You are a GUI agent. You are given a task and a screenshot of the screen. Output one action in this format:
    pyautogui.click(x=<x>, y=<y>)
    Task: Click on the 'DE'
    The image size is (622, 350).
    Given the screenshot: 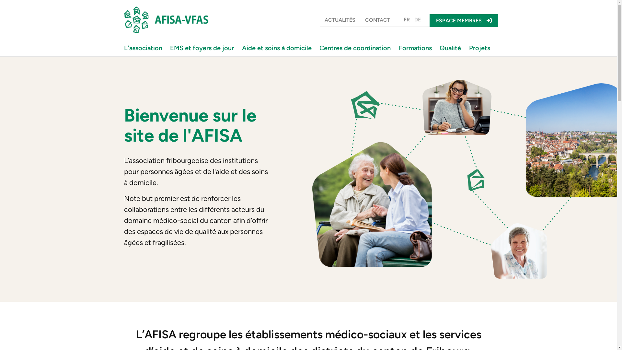 What is the action you would take?
    pyautogui.click(x=418, y=19)
    